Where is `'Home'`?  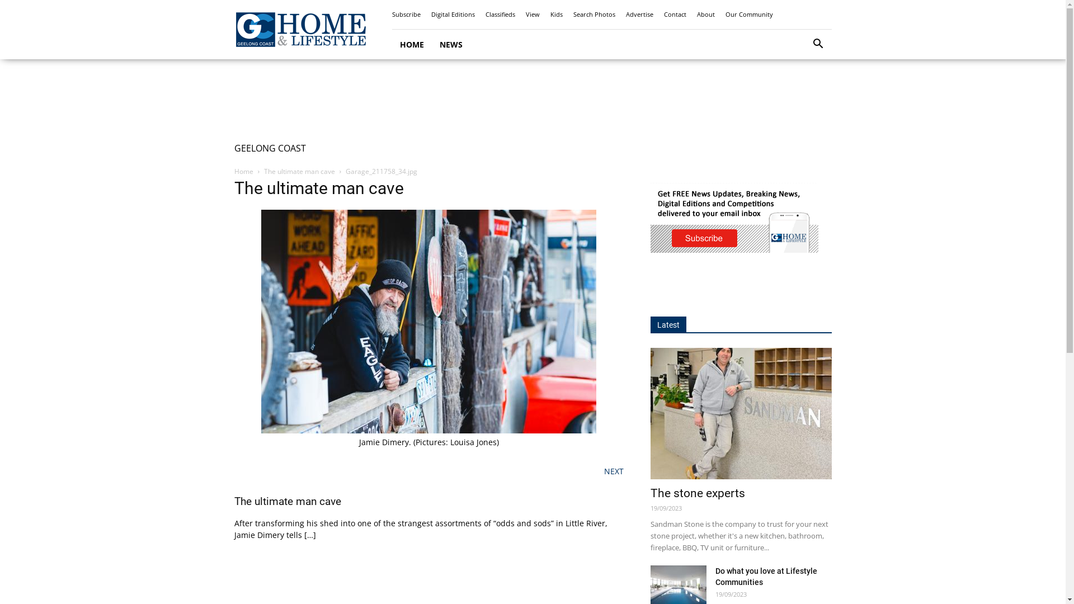
'Home' is located at coordinates (243, 171).